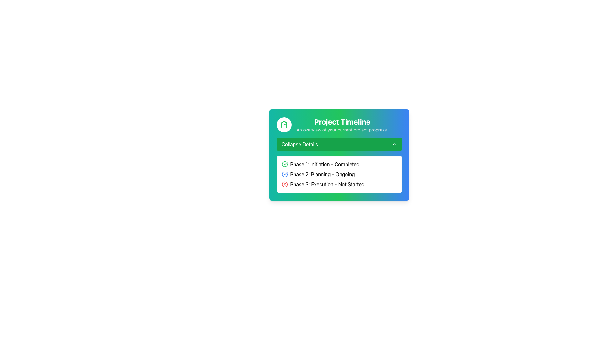 This screenshot has width=601, height=338. I want to click on the static text label displaying 'Collapse Details' in white font on a green background, which is located in the upper section of the green bar, so click(299, 144).